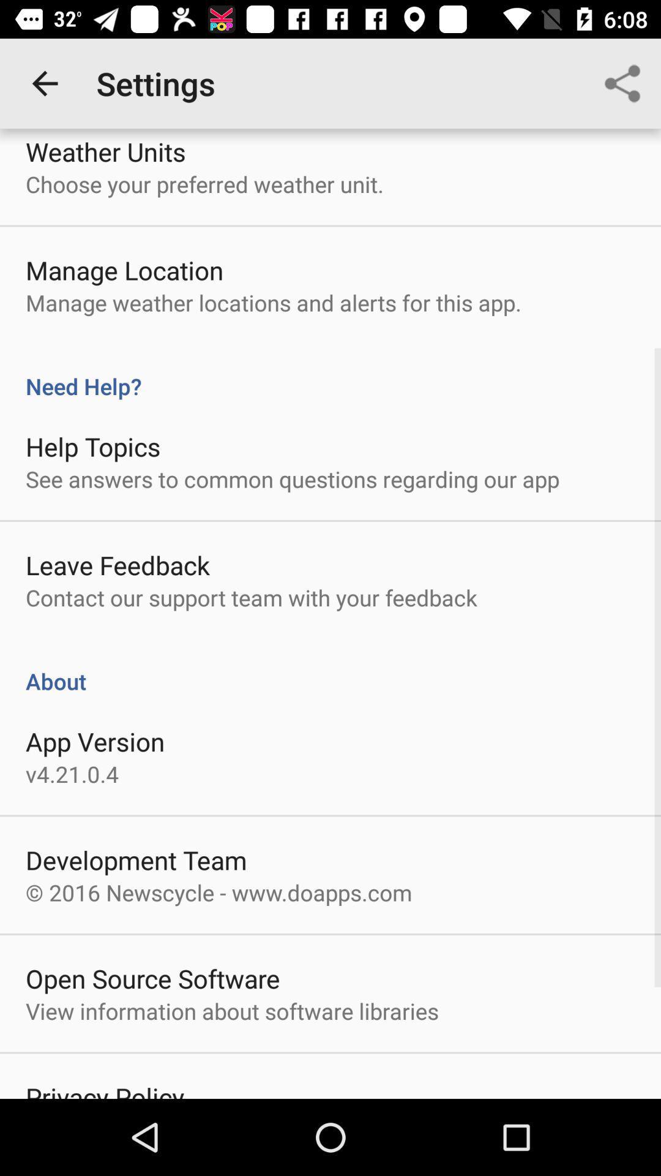 This screenshot has width=661, height=1176. I want to click on app to the left of the settings  item, so click(44, 83).